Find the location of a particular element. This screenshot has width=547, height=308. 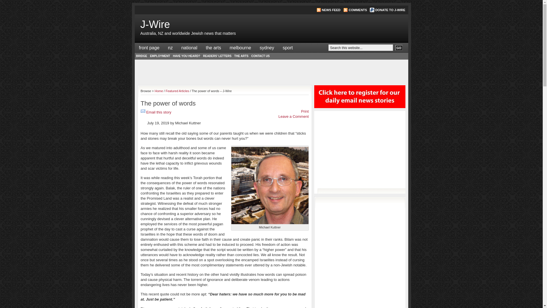

'Leave a Comment' is located at coordinates (293, 116).